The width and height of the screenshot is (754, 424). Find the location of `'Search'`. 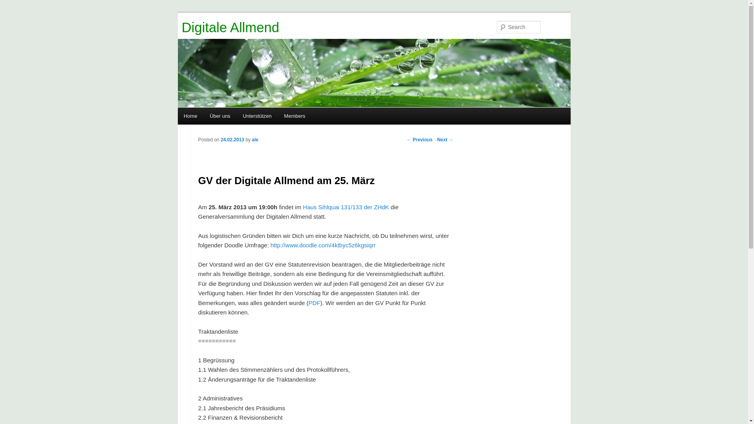

'Search' is located at coordinates (13, 4).